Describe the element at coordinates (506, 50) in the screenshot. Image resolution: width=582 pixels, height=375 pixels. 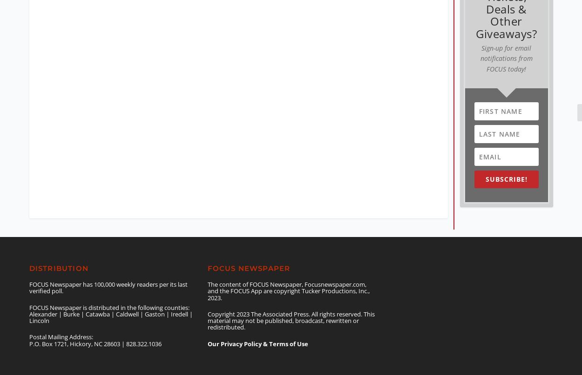
I see `'Sign-up for email notifications from FOCUS today!'` at that location.